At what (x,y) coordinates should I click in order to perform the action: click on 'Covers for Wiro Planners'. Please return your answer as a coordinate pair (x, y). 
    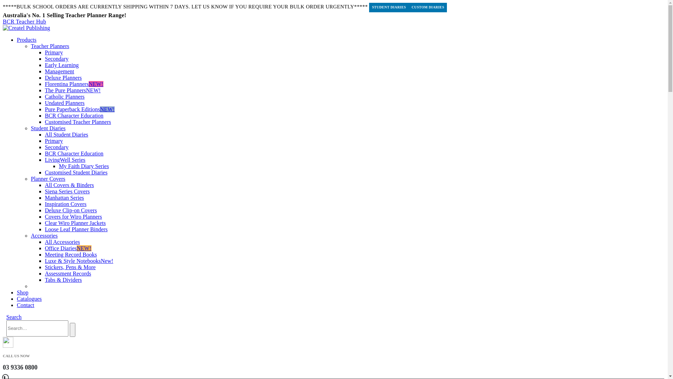
    Looking at the image, I should click on (73, 216).